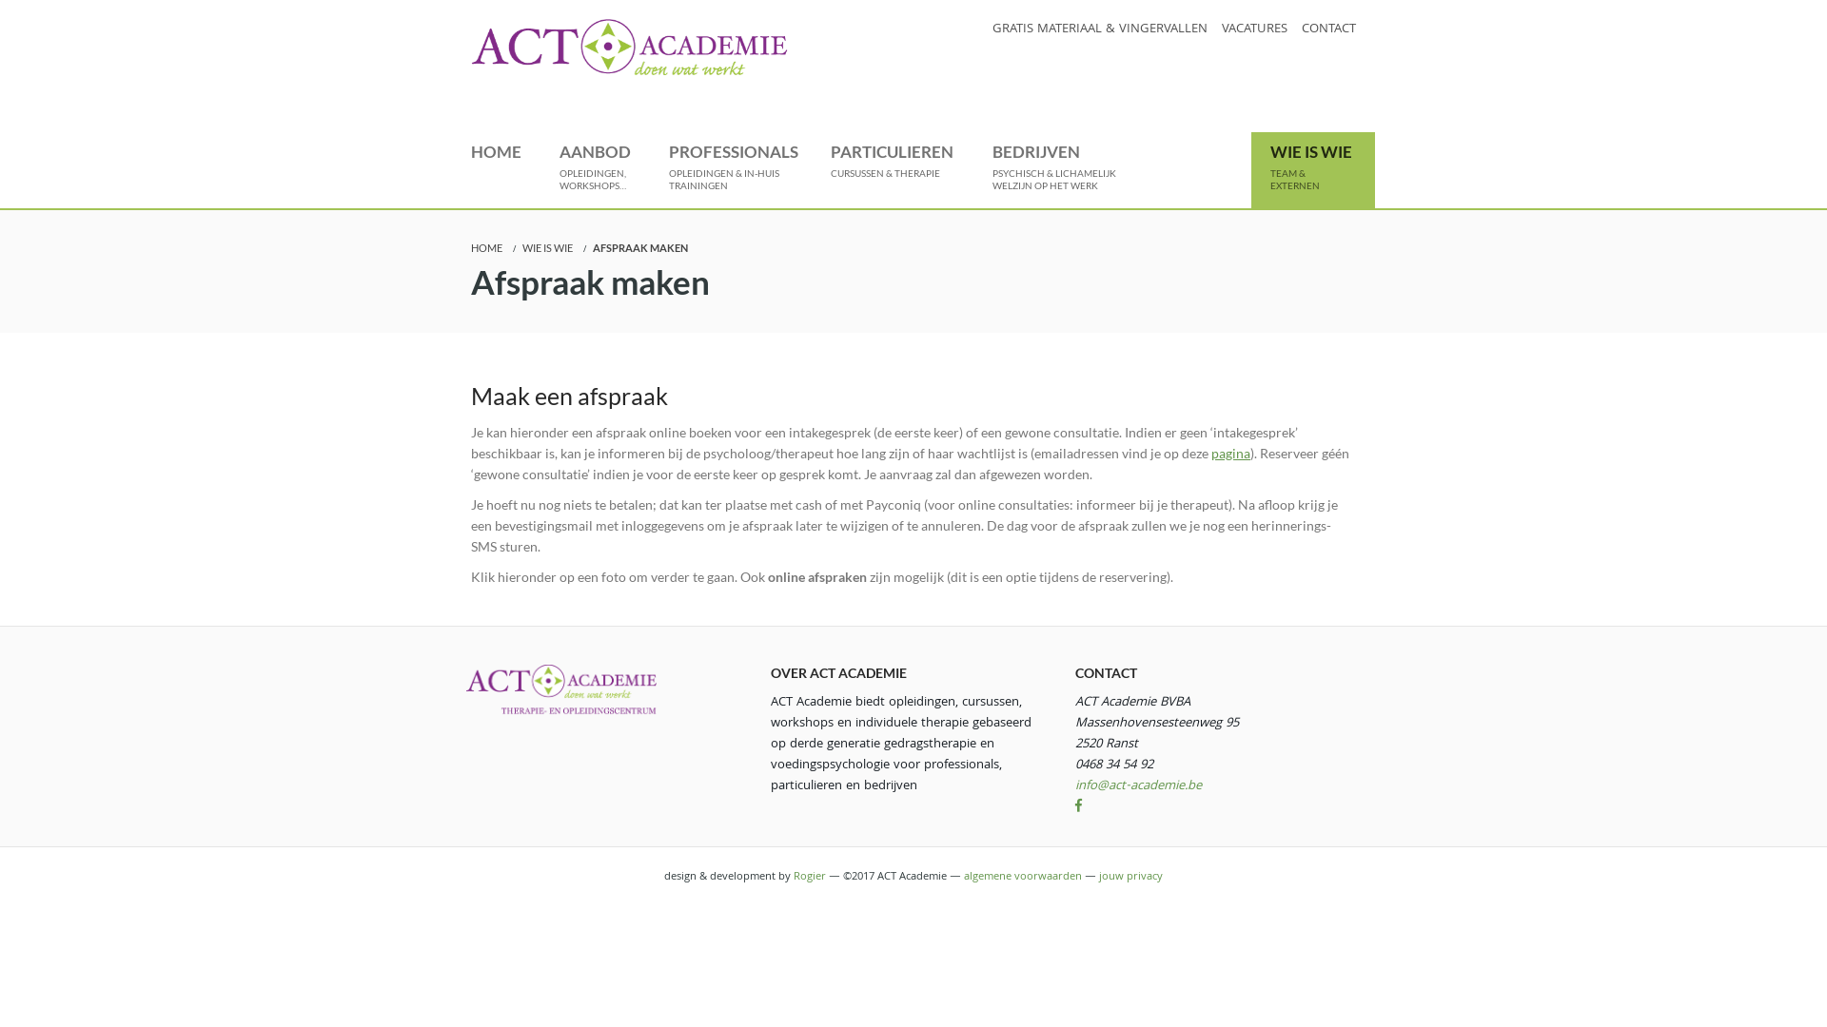  Describe the element at coordinates (891, 168) in the screenshot. I see `'PARTICULIEREN` at that location.